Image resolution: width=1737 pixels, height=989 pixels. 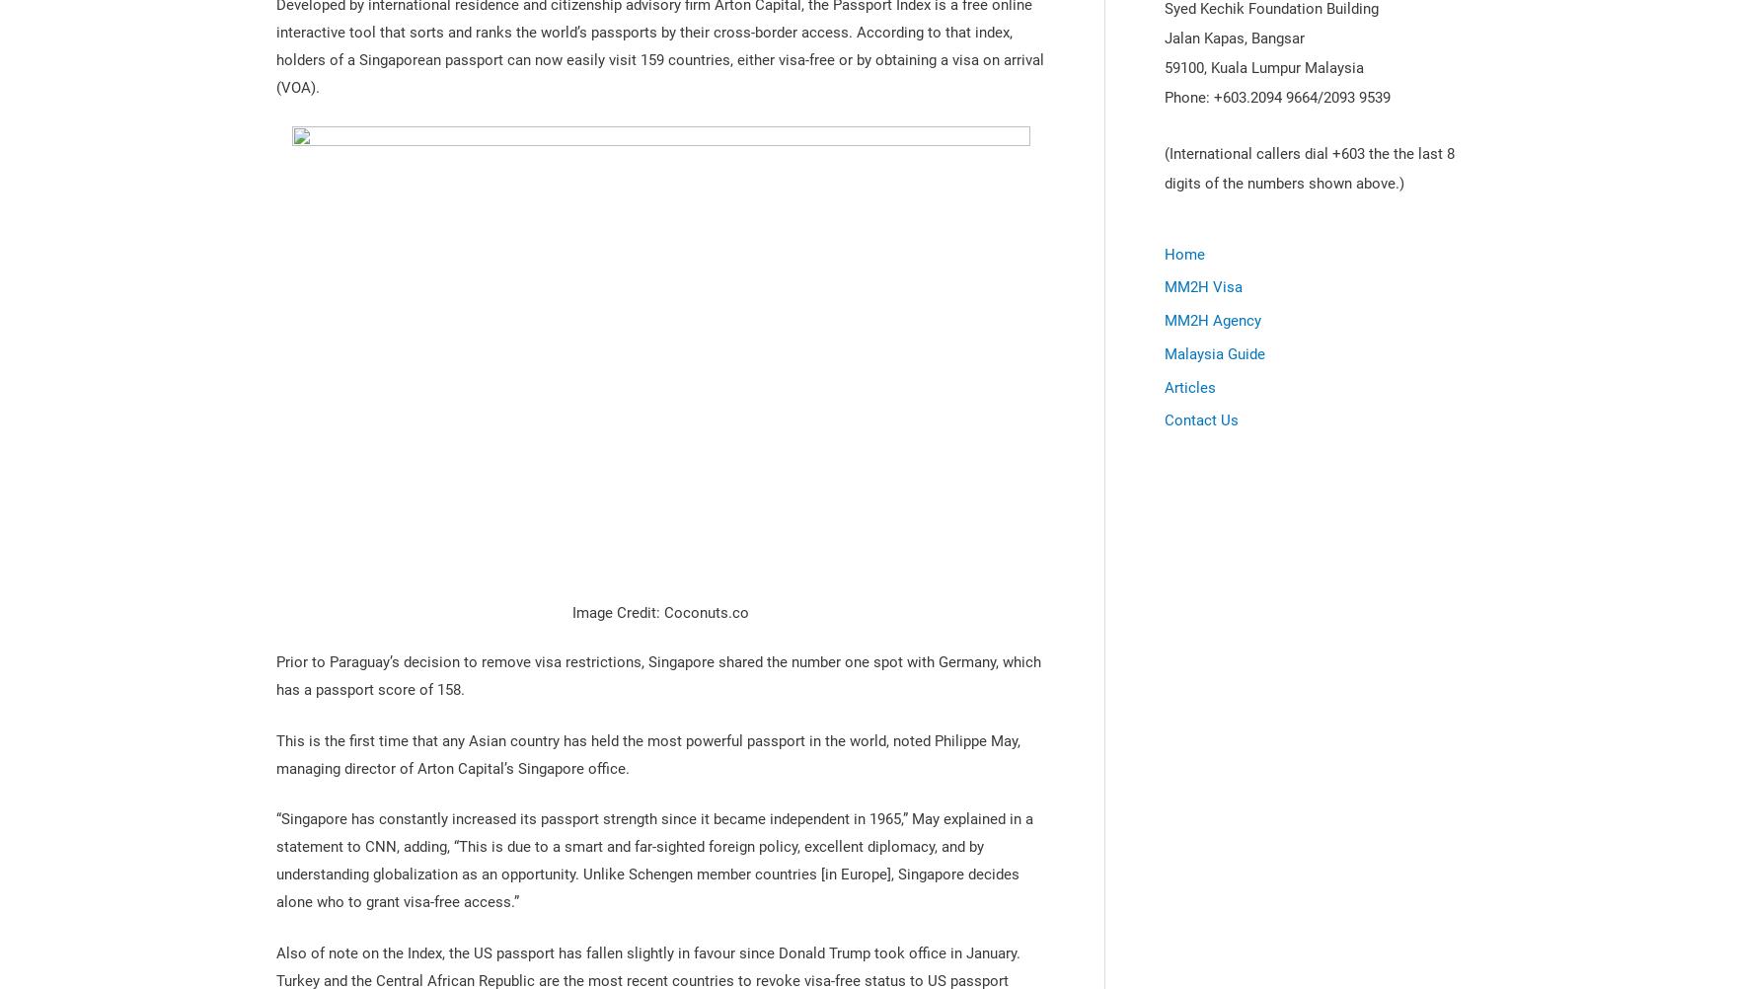 What do you see at coordinates (1183, 253) in the screenshot?
I see `'Home'` at bounding box center [1183, 253].